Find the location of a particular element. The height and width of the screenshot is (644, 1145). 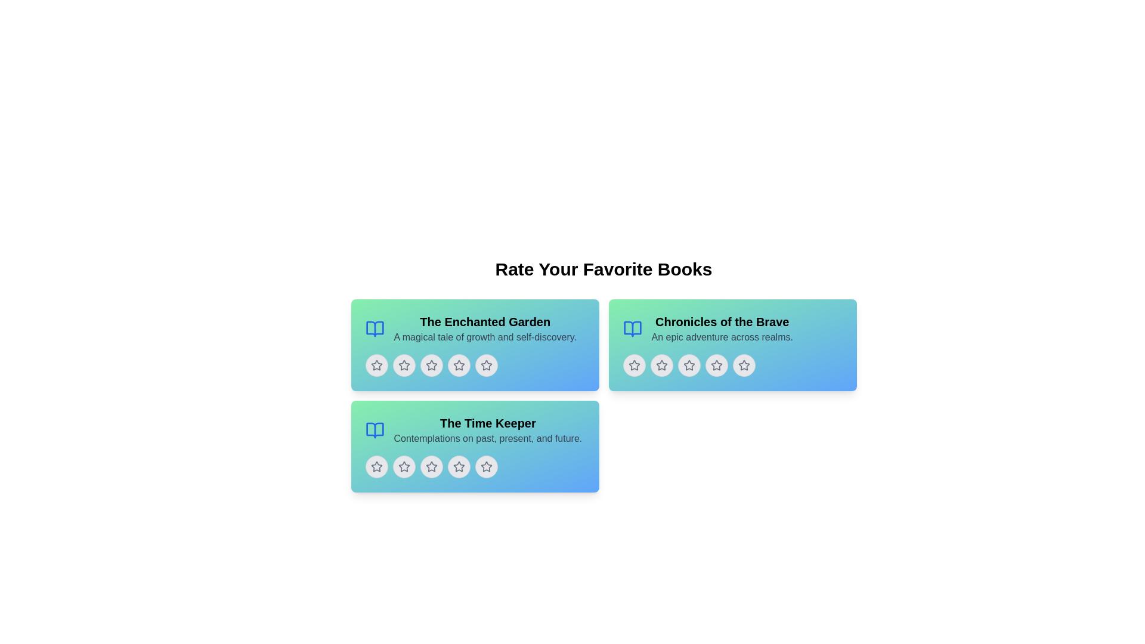

the first star rating icon located beneath the text 'The Time Keeper' is located at coordinates (376, 466).